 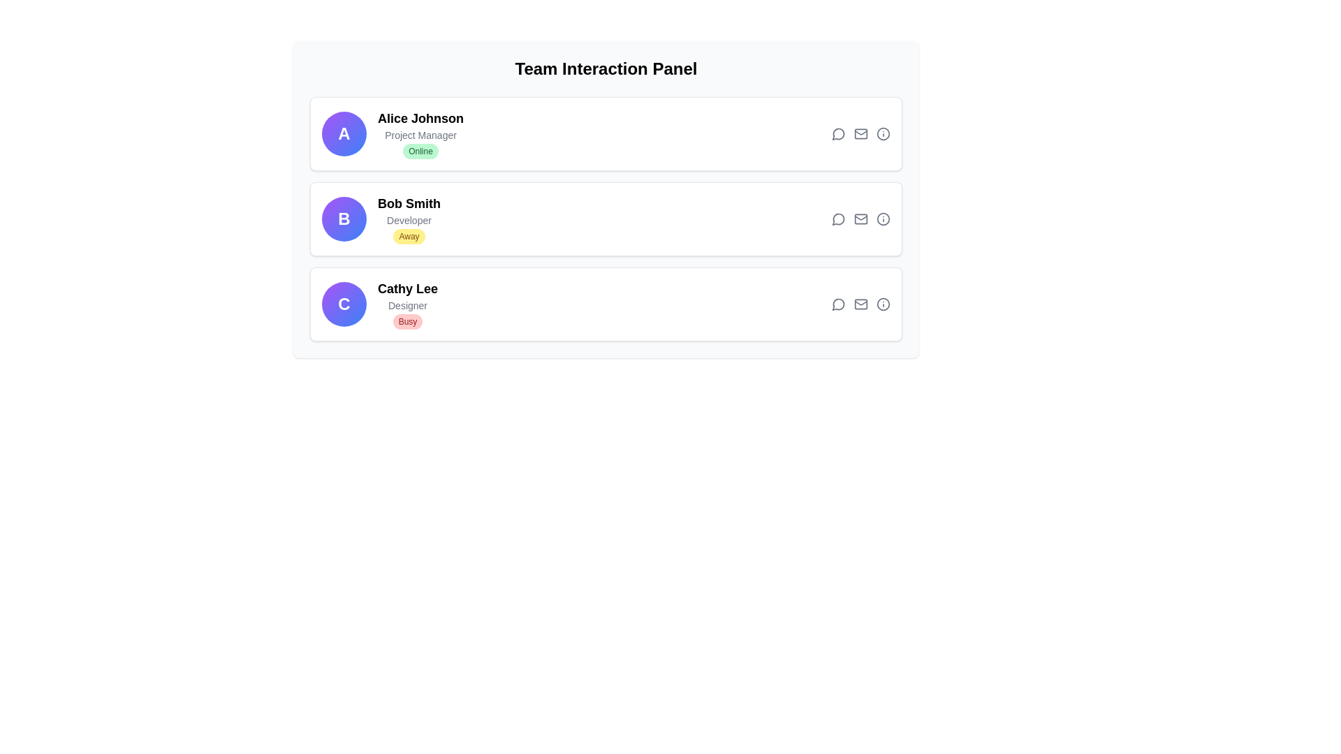 I want to click on the email icon, which is the second icon from the left in the middle user's row, so click(x=860, y=218).